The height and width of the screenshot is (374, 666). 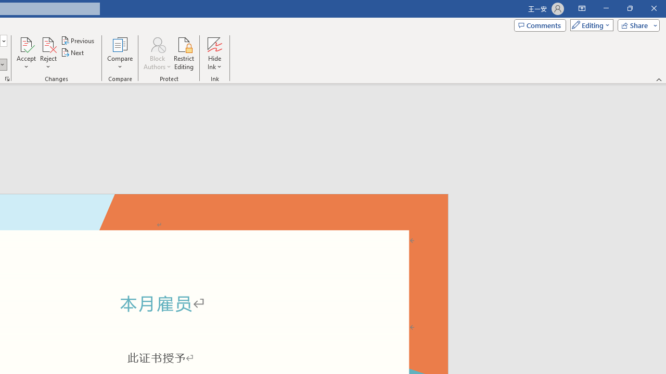 I want to click on 'Restrict Editing', so click(x=184, y=54).